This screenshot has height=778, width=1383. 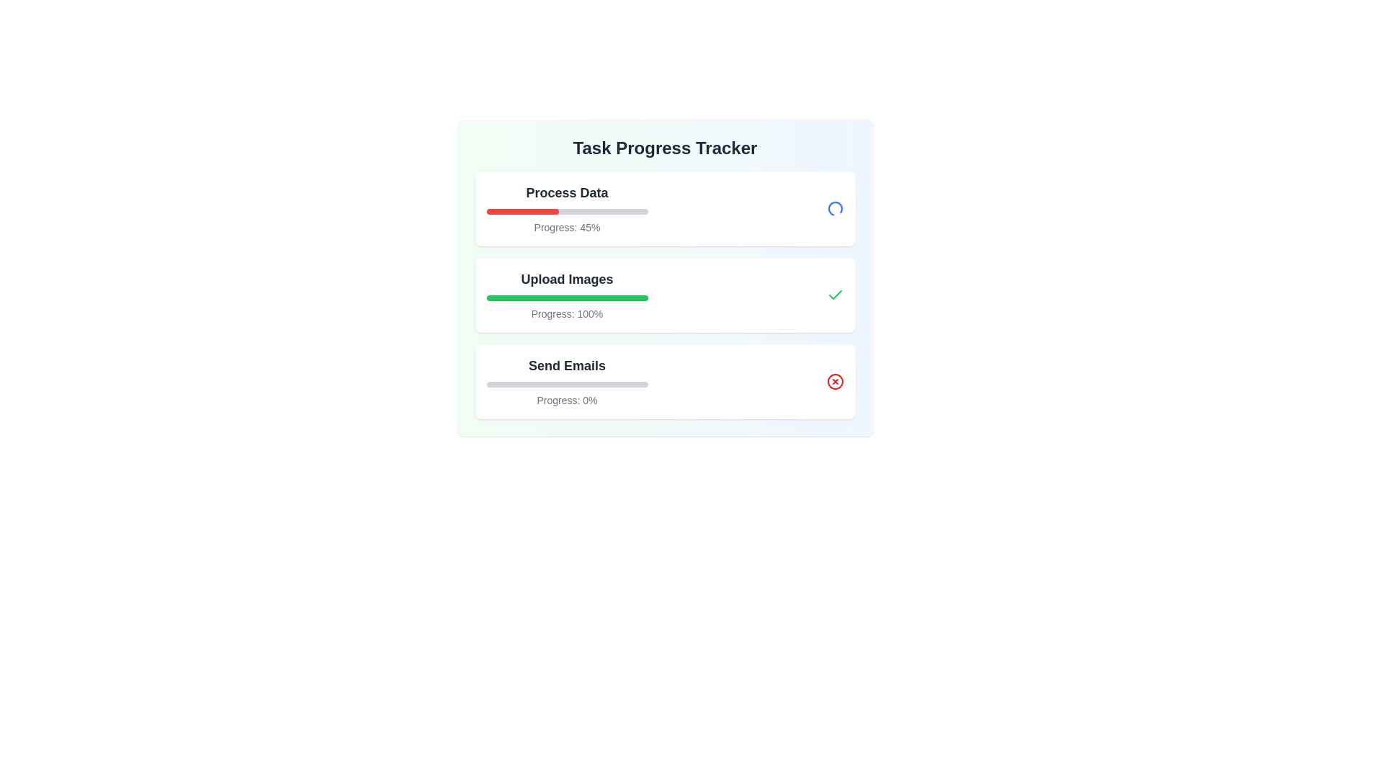 What do you see at coordinates (566, 380) in the screenshot?
I see `the progress bar of the 'Send Emails' task in the Progress Tracker` at bounding box center [566, 380].